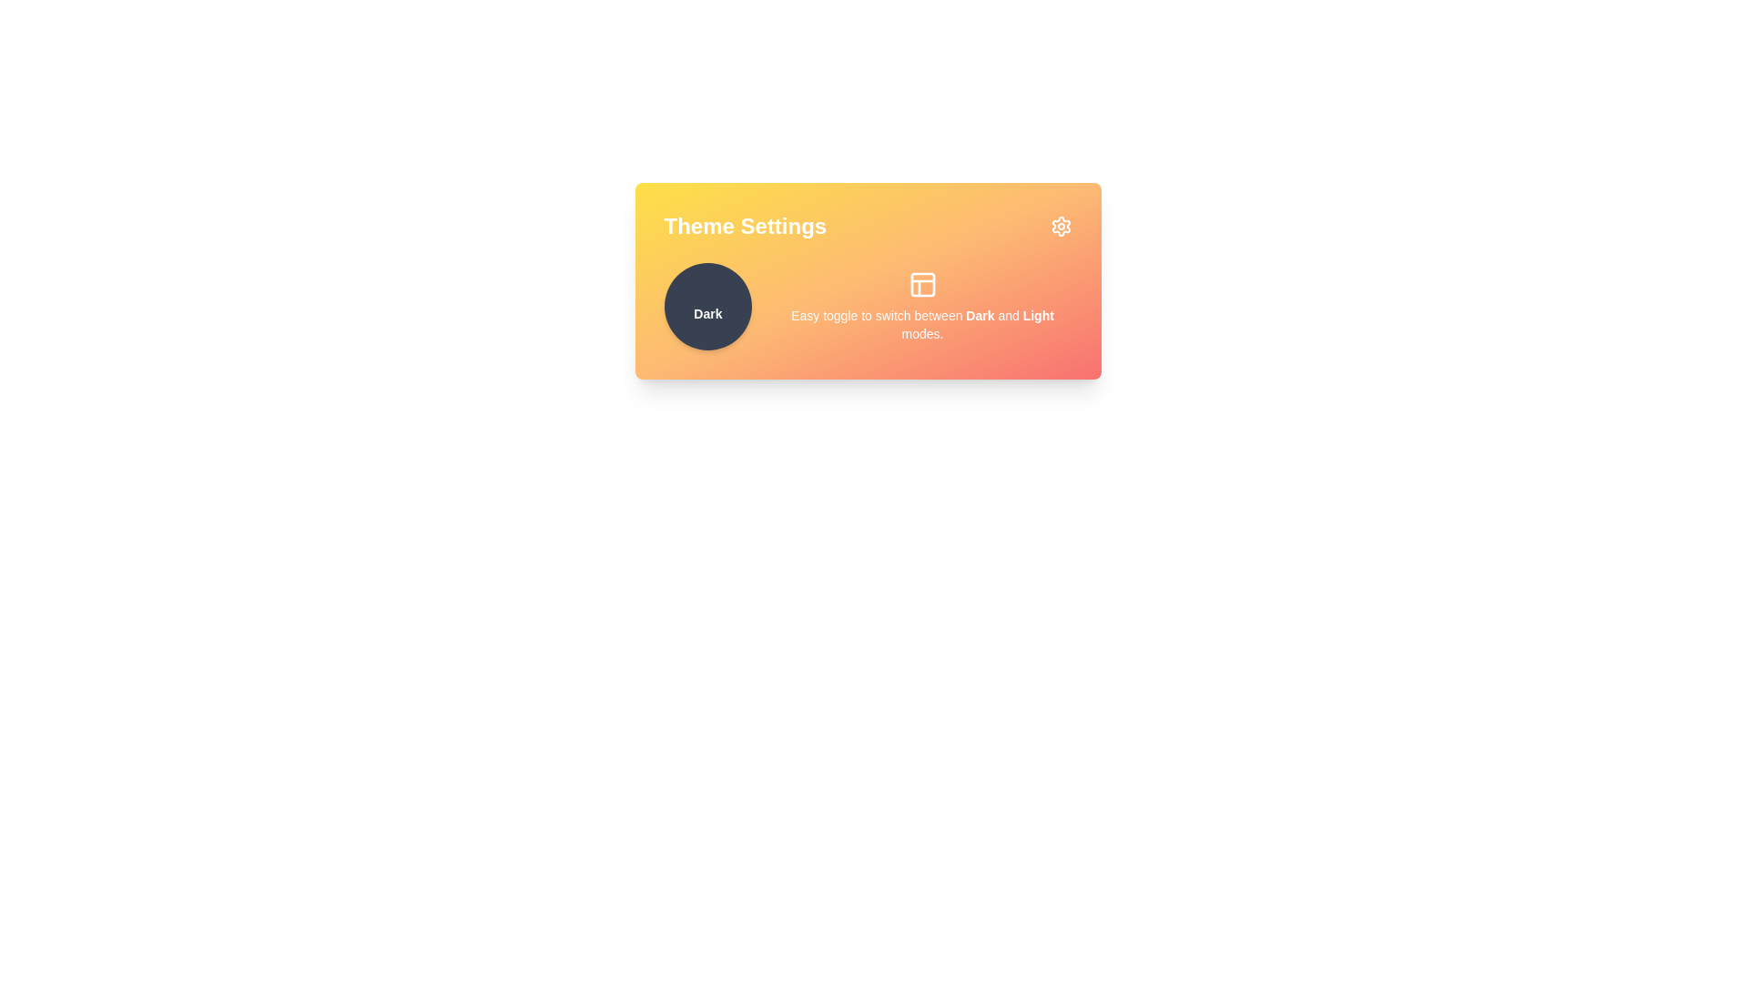 Image resolution: width=1748 pixels, height=983 pixels. Describe the element at coordinates (706, 305) in the screenshot. I see `the circular button to observe the hover effect` at that location.